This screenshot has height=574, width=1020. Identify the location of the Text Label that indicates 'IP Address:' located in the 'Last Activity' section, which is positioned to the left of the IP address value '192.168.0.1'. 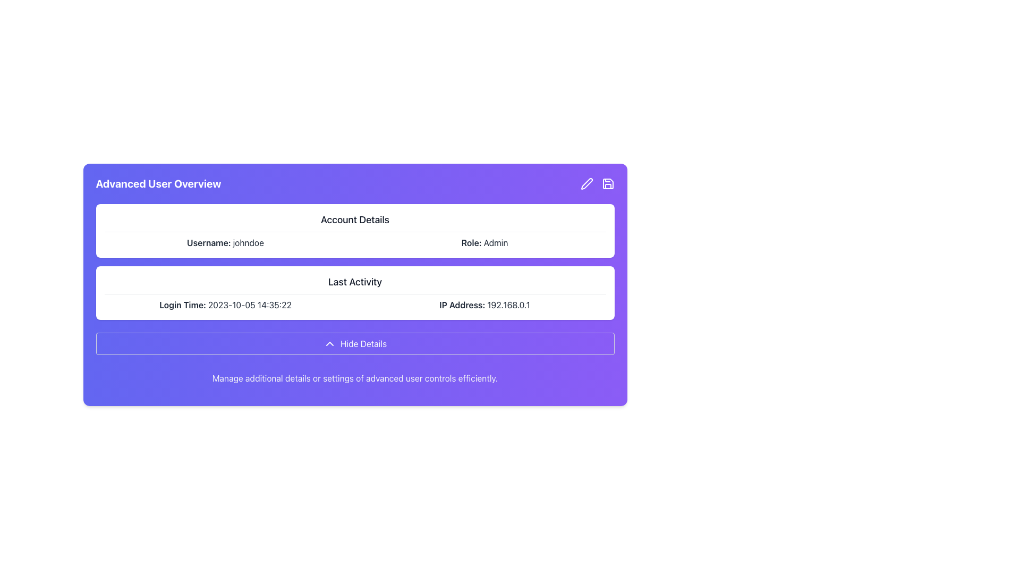
(463, 305).